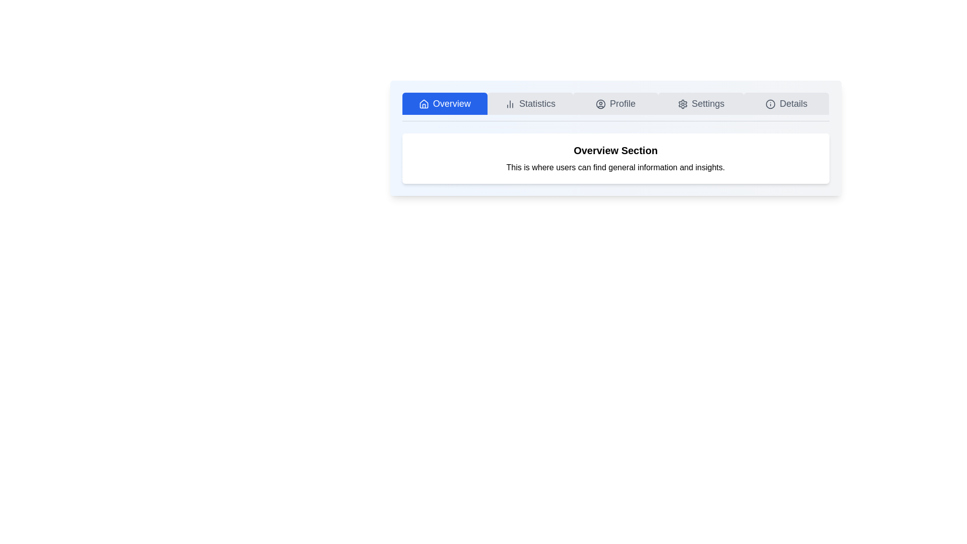 The image size is (967, 544). Describe the element at coordinates (786, 103) in the screenshot. I see `the 'Details' tab located at the far right of the navigation bar` at that location.